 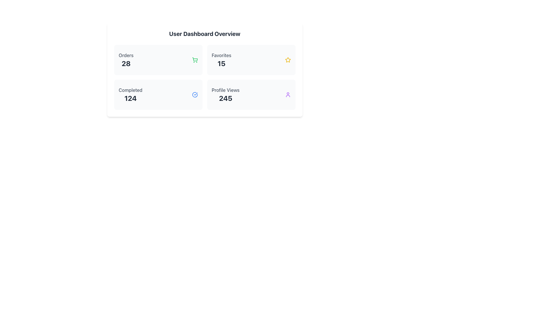 I want to click on the 'Profile Views' label, which is styled in gray (#gray-600) and positioned above the numerical value '245' in the second row, last column of a 2x2 grid, so click(x=225, y=90).